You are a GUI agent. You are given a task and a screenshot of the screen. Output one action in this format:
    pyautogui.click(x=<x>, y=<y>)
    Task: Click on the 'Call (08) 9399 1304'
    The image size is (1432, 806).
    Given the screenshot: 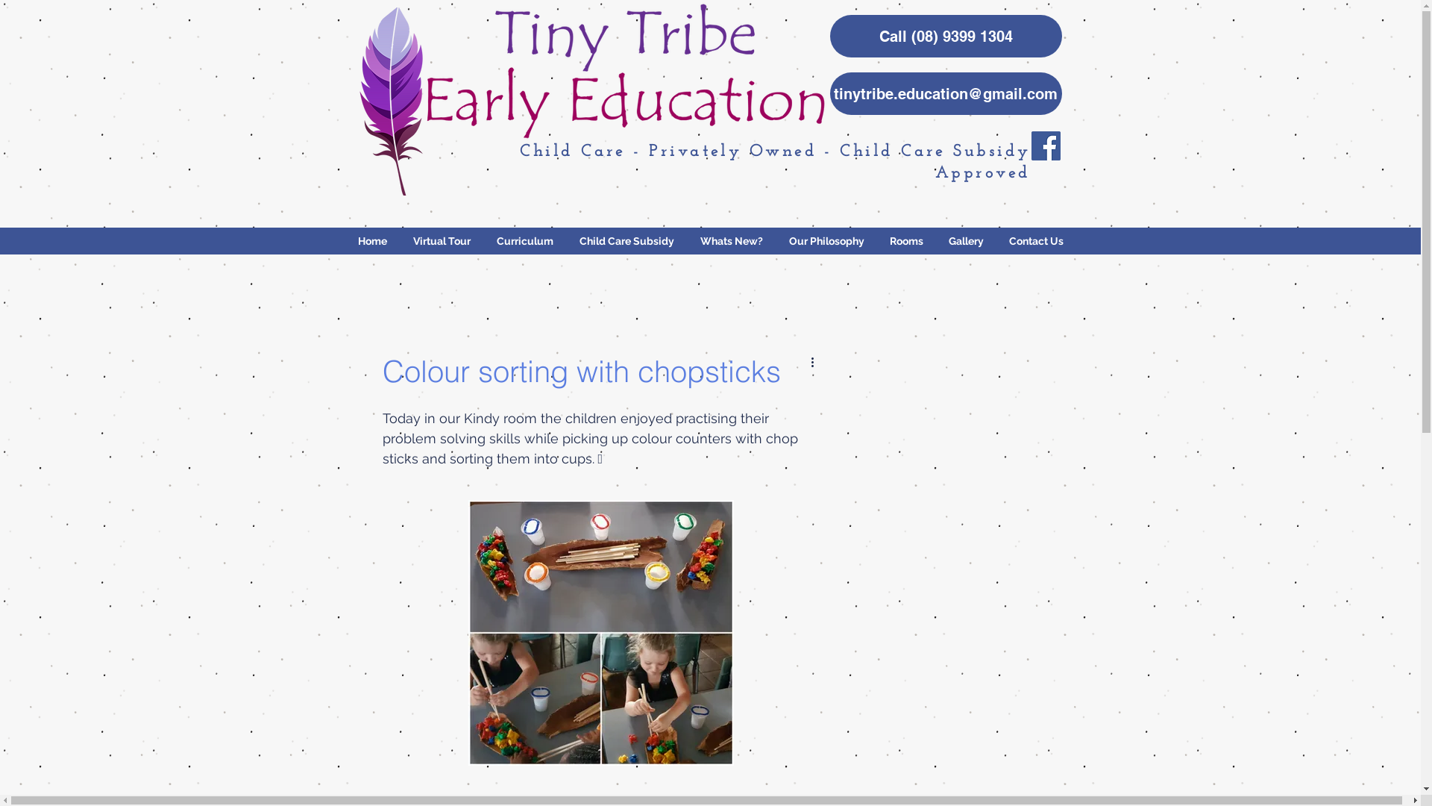 What is the action you would take?
    pyautogui.click(x=829, y=35)
    